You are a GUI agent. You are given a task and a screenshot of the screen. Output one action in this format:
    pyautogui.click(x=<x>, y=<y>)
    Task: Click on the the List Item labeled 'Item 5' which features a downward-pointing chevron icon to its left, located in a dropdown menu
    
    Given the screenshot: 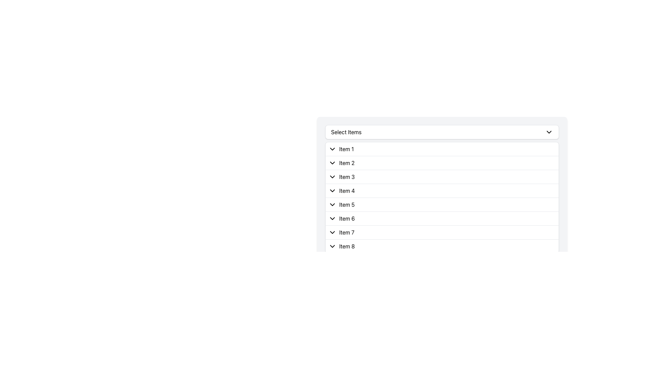 What is the action you would take?
    pyautogui.click(x=341, y=204)
    